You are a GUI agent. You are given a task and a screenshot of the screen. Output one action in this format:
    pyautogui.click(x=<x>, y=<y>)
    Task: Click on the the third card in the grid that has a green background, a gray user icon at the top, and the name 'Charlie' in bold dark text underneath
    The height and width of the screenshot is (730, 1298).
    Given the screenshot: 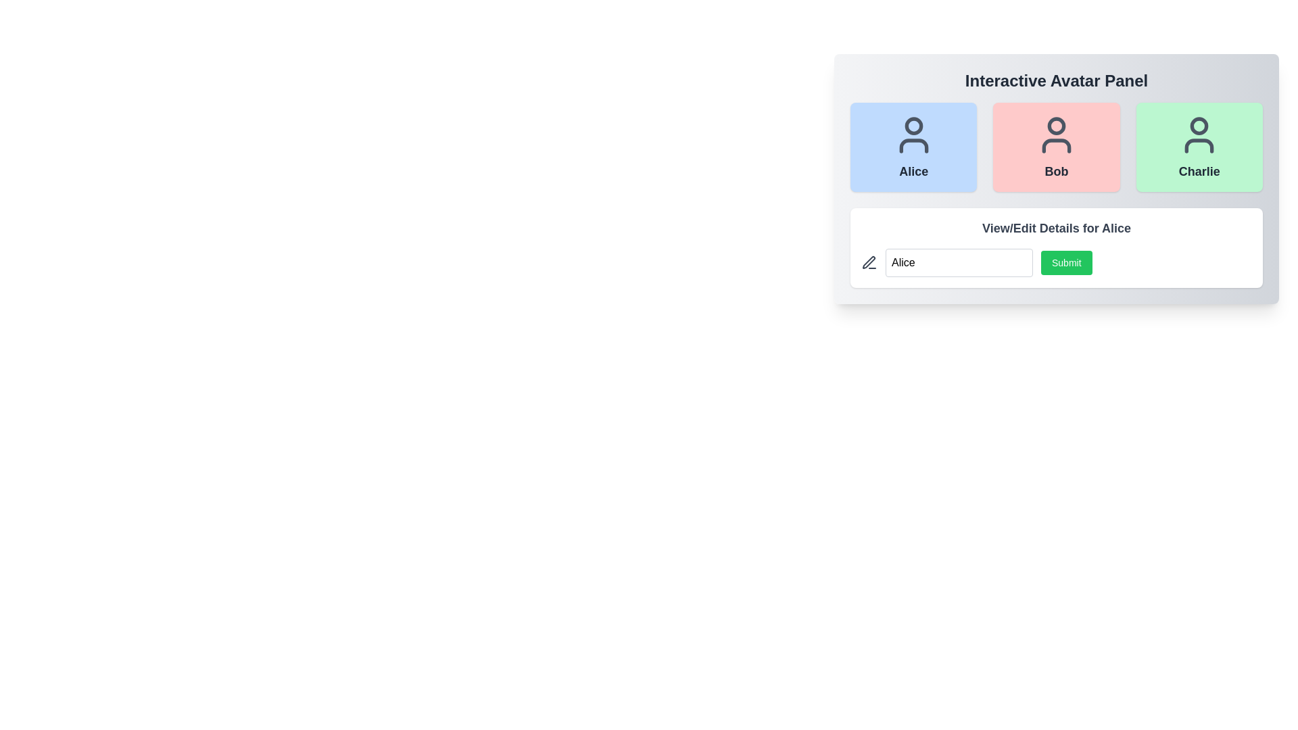 What is the action you would take?
    pyautogui.click(x=1199, y=147)
    